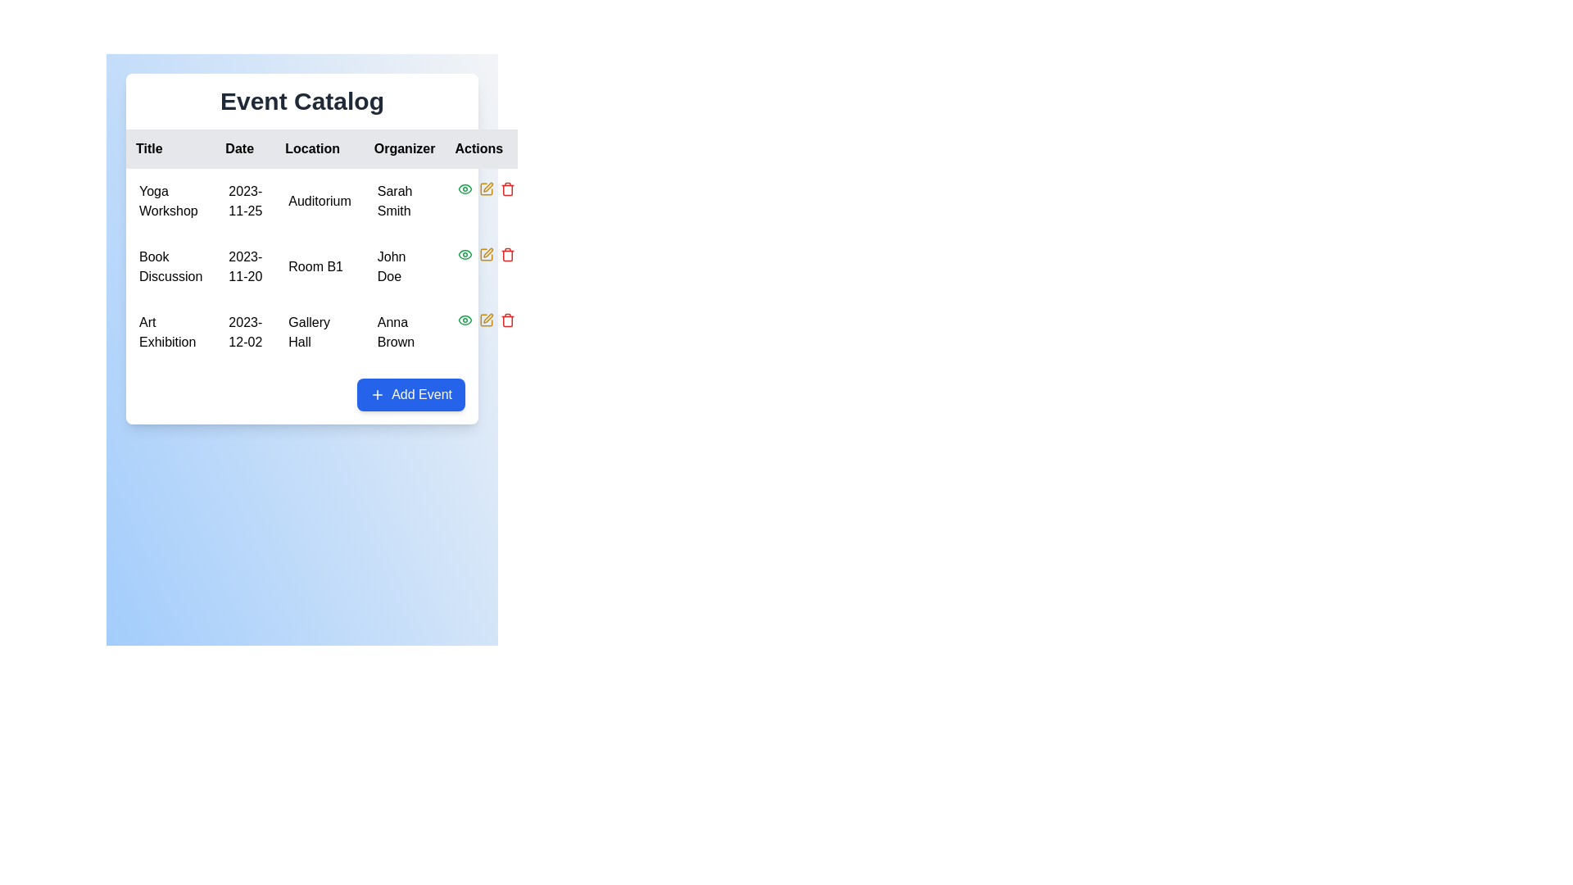  What do you see at coordinates (405, 148) in the screenshot?
I see `the 'Organizer' column header, which is the fourth header in a table structure, displayed in bold black text against a white background` at bounding box center [405, 148].